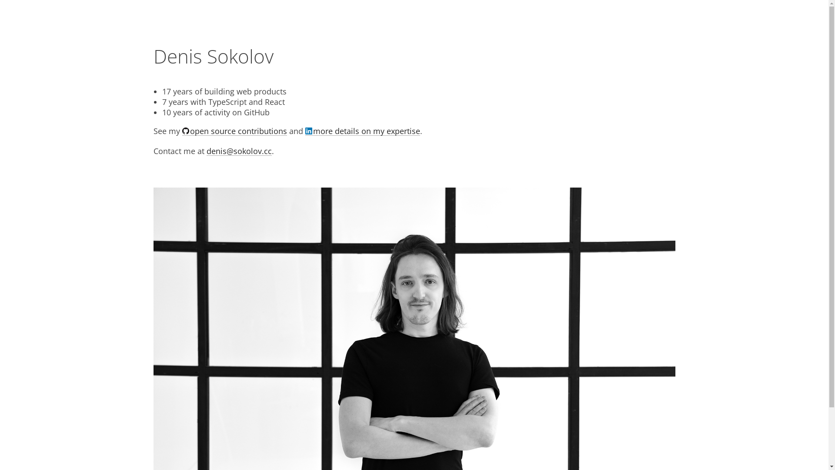 This screenshot has width=835, height=470. What do you see at coordinates (181, 133) in the screenshot?
I see `'open source contributions'` at bounding box center [181, 133].